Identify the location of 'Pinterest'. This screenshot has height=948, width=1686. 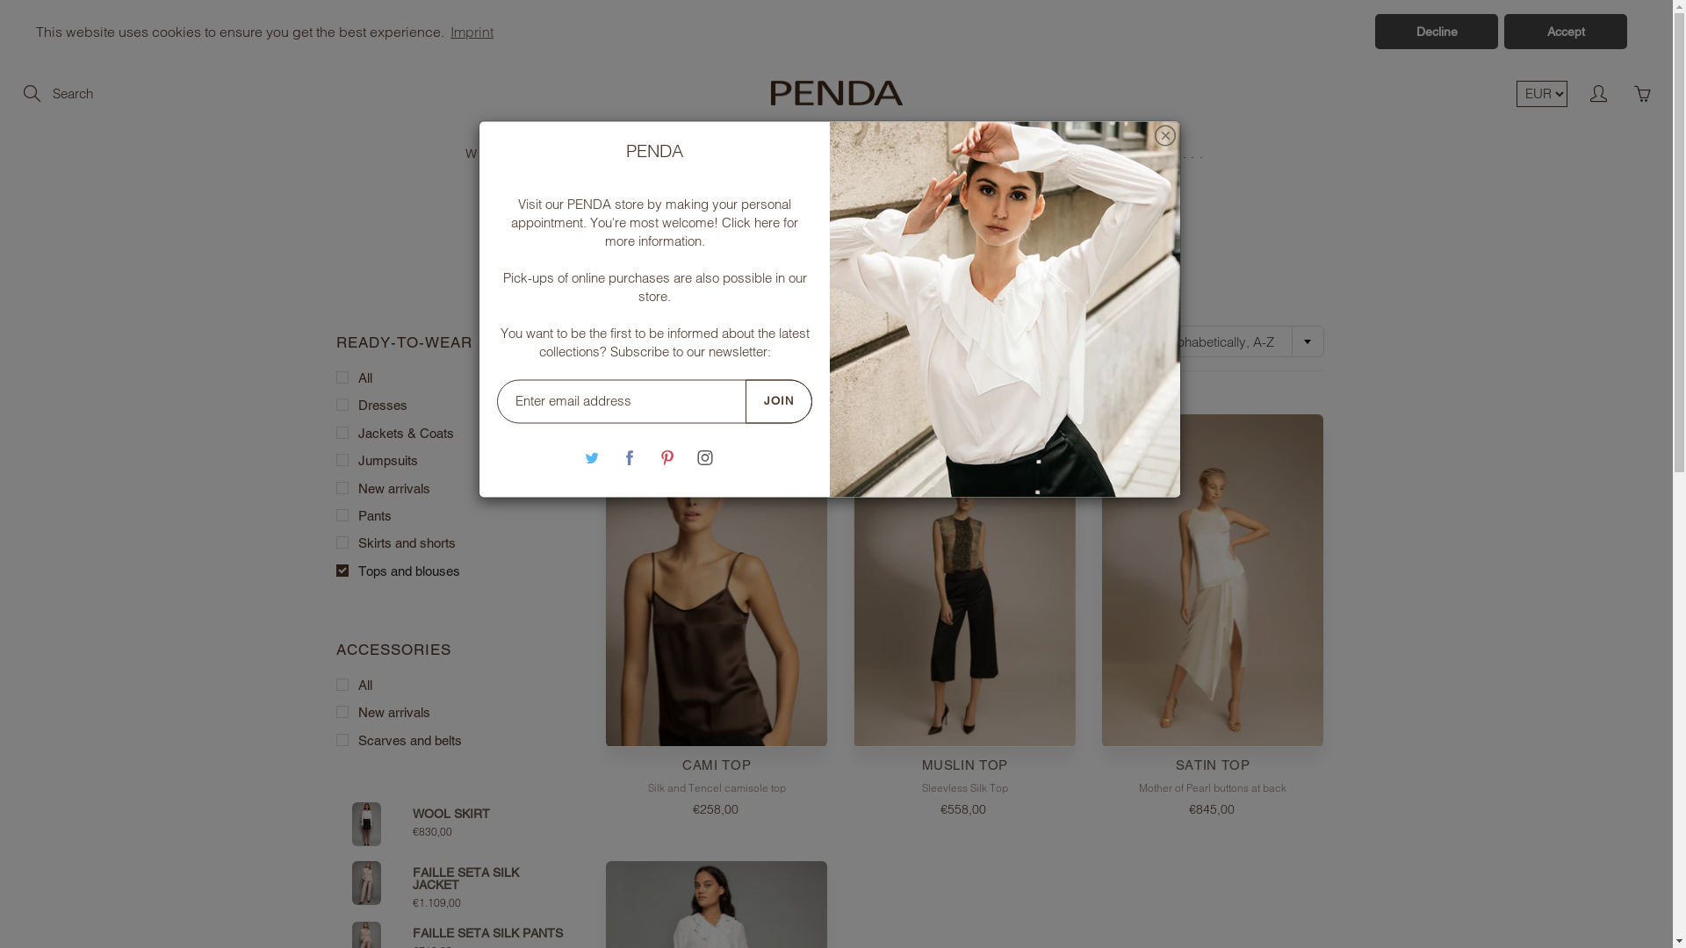
(666, 456).